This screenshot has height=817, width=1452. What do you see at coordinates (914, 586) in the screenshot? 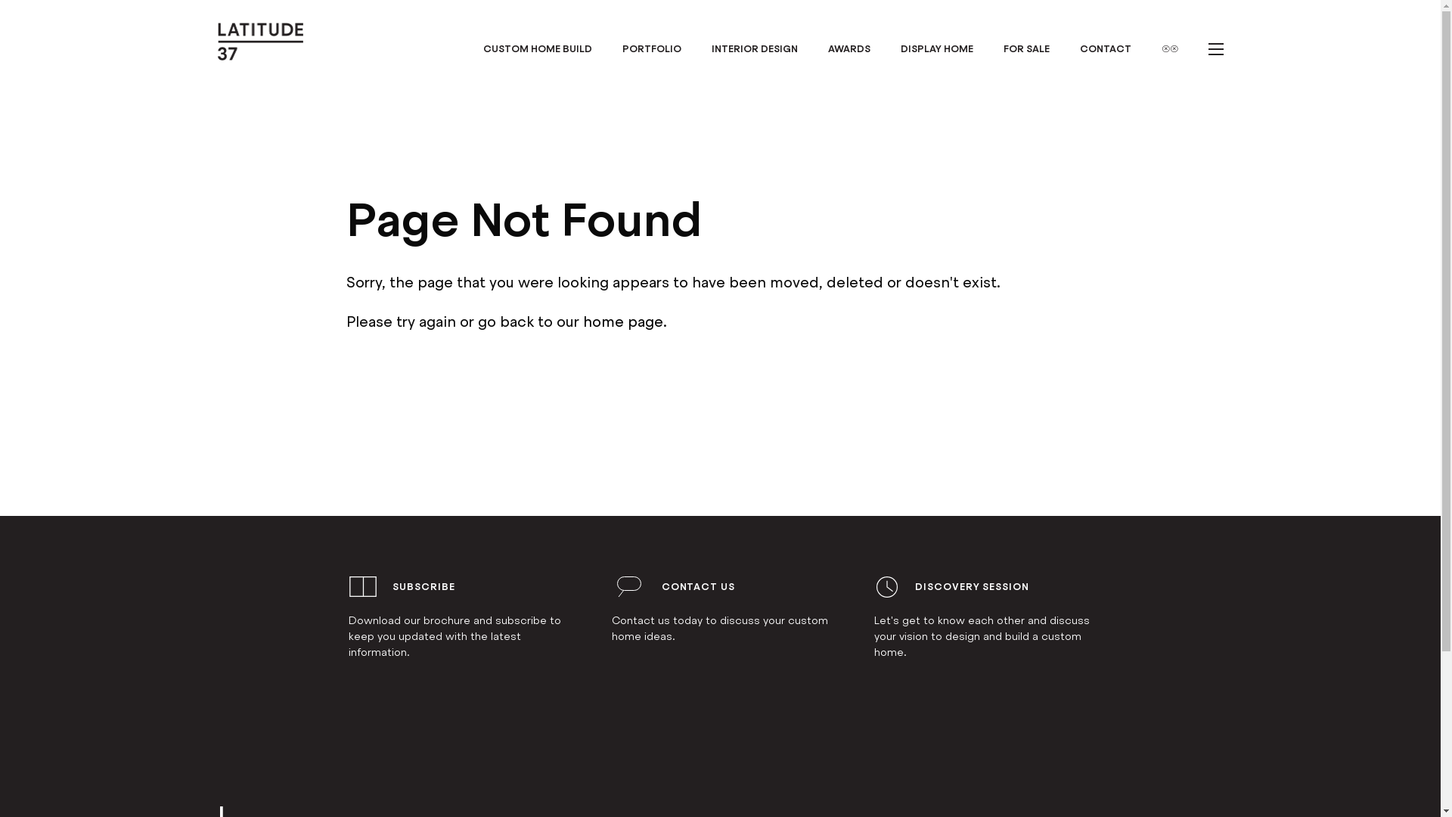
I see `'DISCOVERY SESSION'` at bounding box center [914, 586].